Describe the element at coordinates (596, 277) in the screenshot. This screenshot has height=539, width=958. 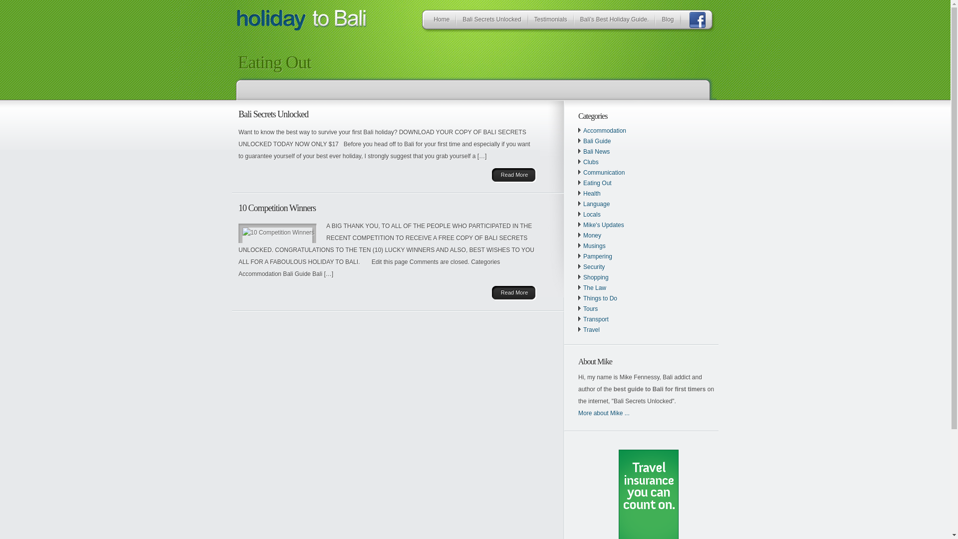
I see `'Shopping'` at that location.